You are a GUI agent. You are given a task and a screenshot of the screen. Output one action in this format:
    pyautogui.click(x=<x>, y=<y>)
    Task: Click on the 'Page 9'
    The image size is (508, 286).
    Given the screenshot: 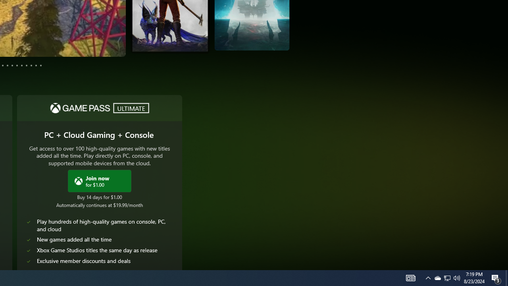 What is the action you would take?
    pyautogui.click(x=27, y=65)
    